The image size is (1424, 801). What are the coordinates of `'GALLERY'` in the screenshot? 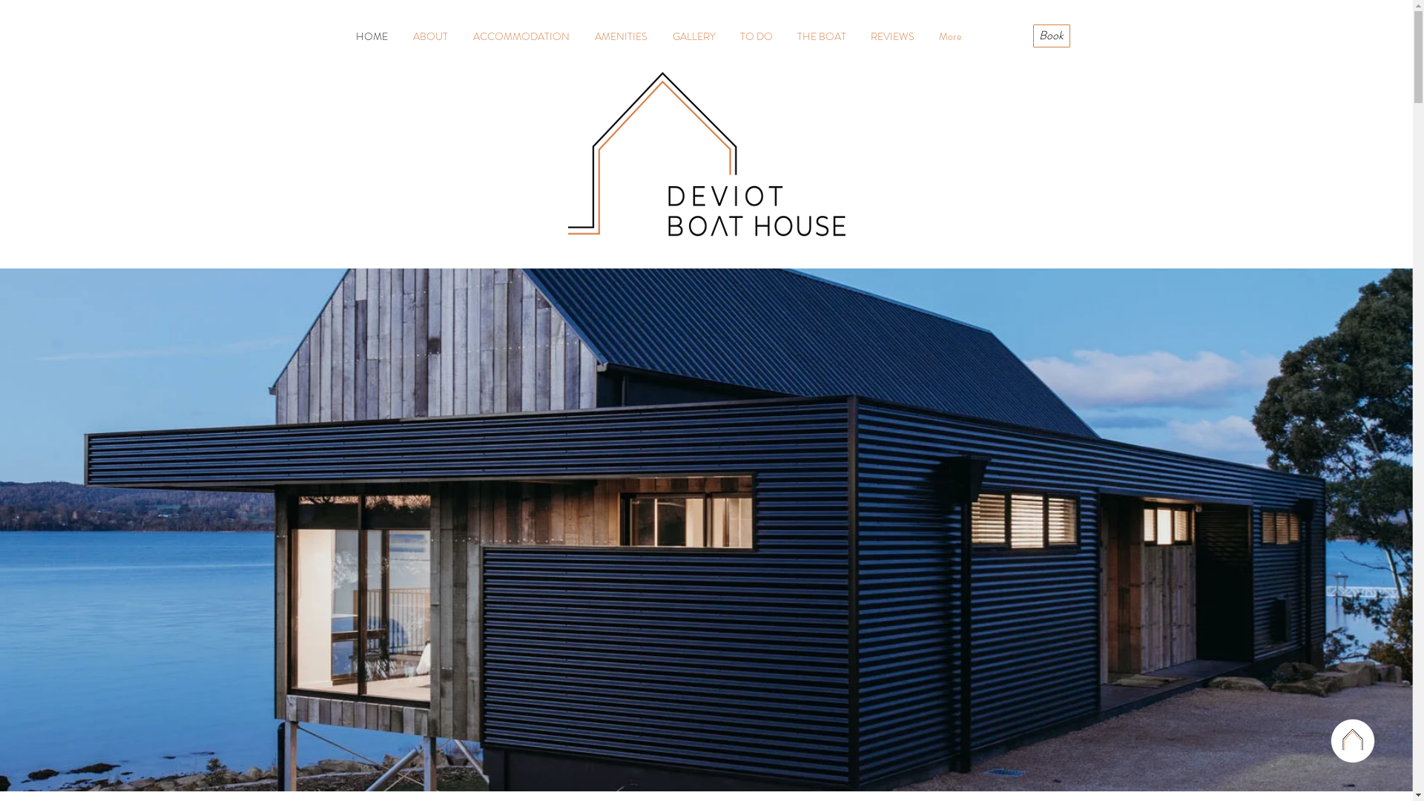 It's located at (693, 36).